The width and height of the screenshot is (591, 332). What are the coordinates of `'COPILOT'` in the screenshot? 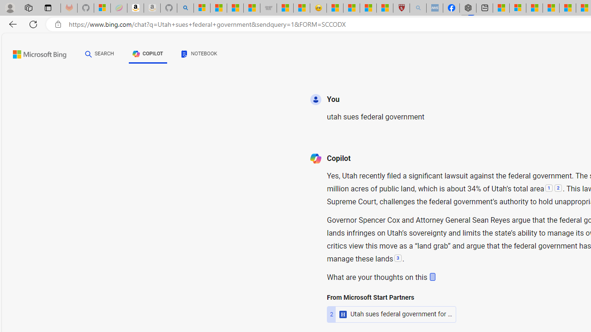 It's located at (148, 55).